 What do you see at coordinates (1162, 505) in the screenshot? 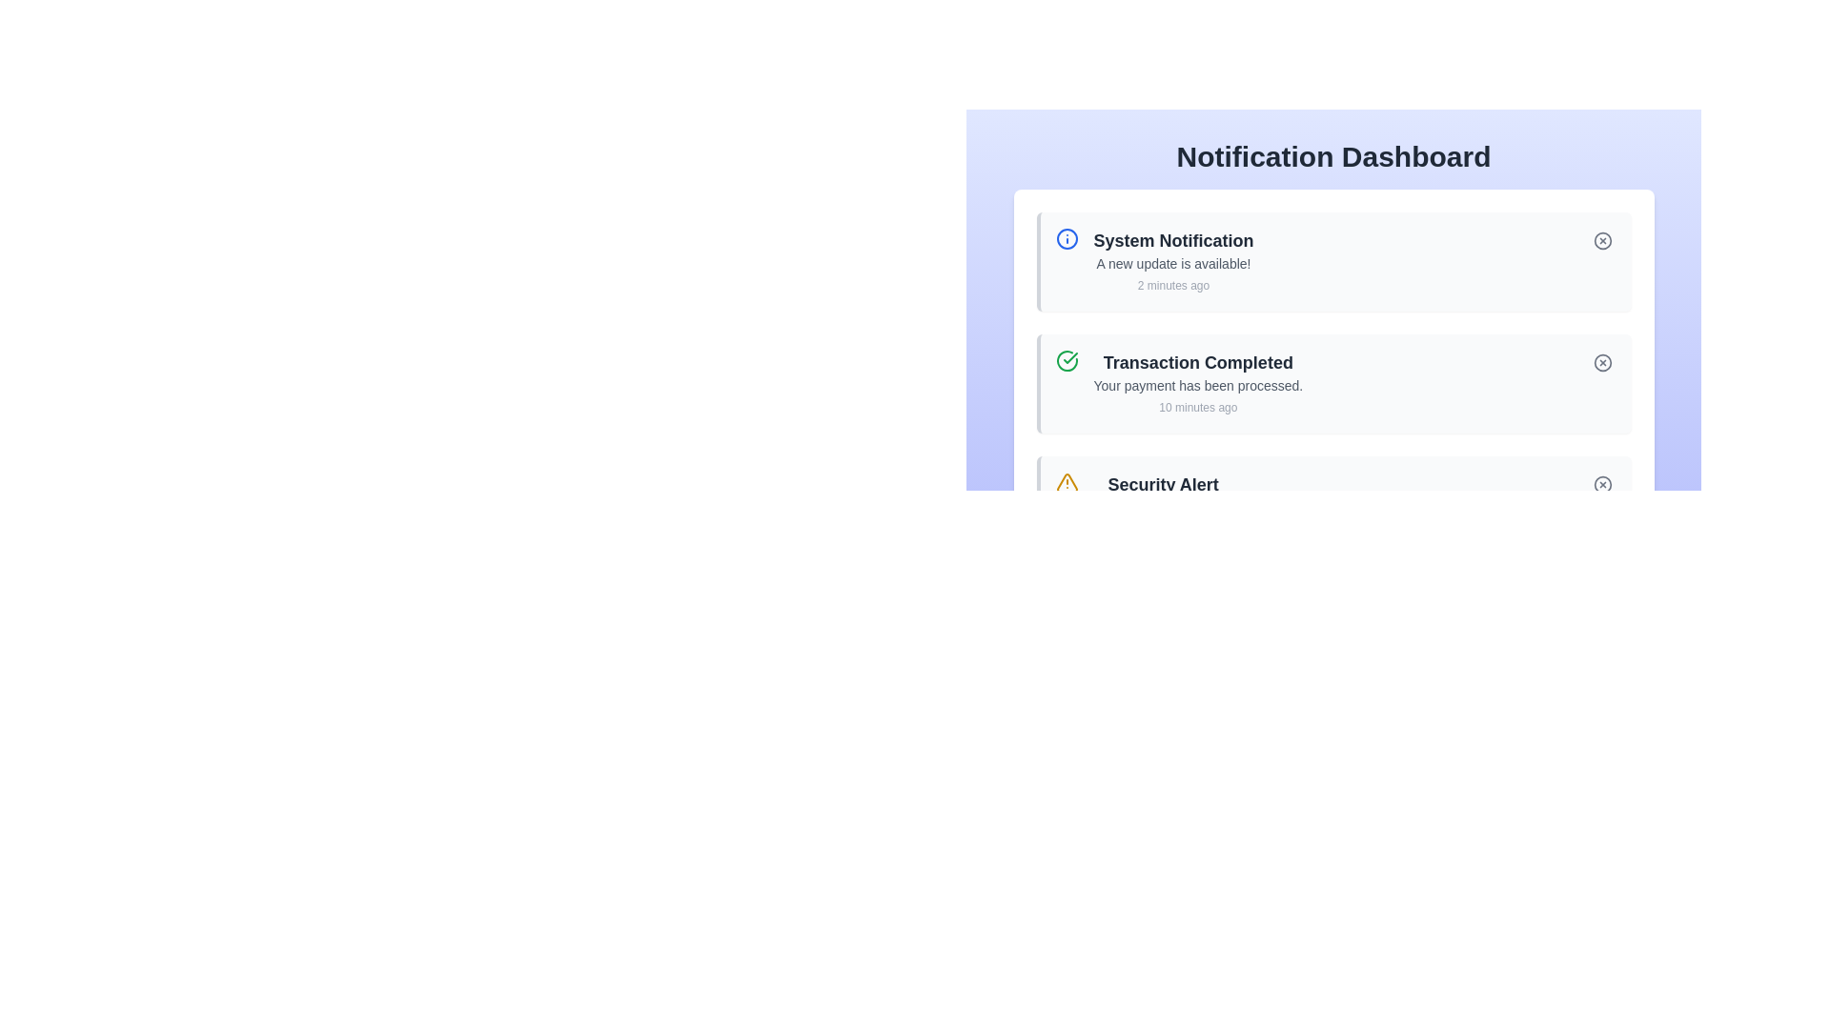
I see `the third notification in the vertical list on the notification panel that alerts about an unusual login detected, positioned below the 'Transaction Completed' notification` at bounding box center [1162, 505].